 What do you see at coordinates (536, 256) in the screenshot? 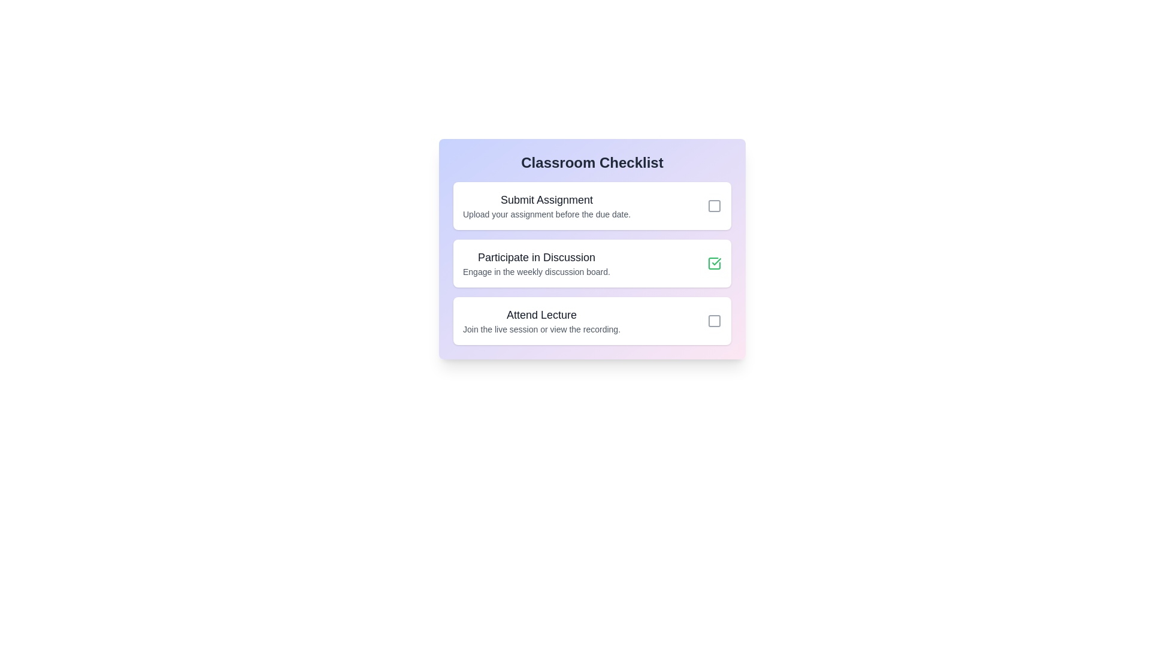
I see `the text label that reads 'Participate in Discussion', which is bold and black, and positioned above a secondary text element in the middle section of the checklist` at bounding box center [536, 256].